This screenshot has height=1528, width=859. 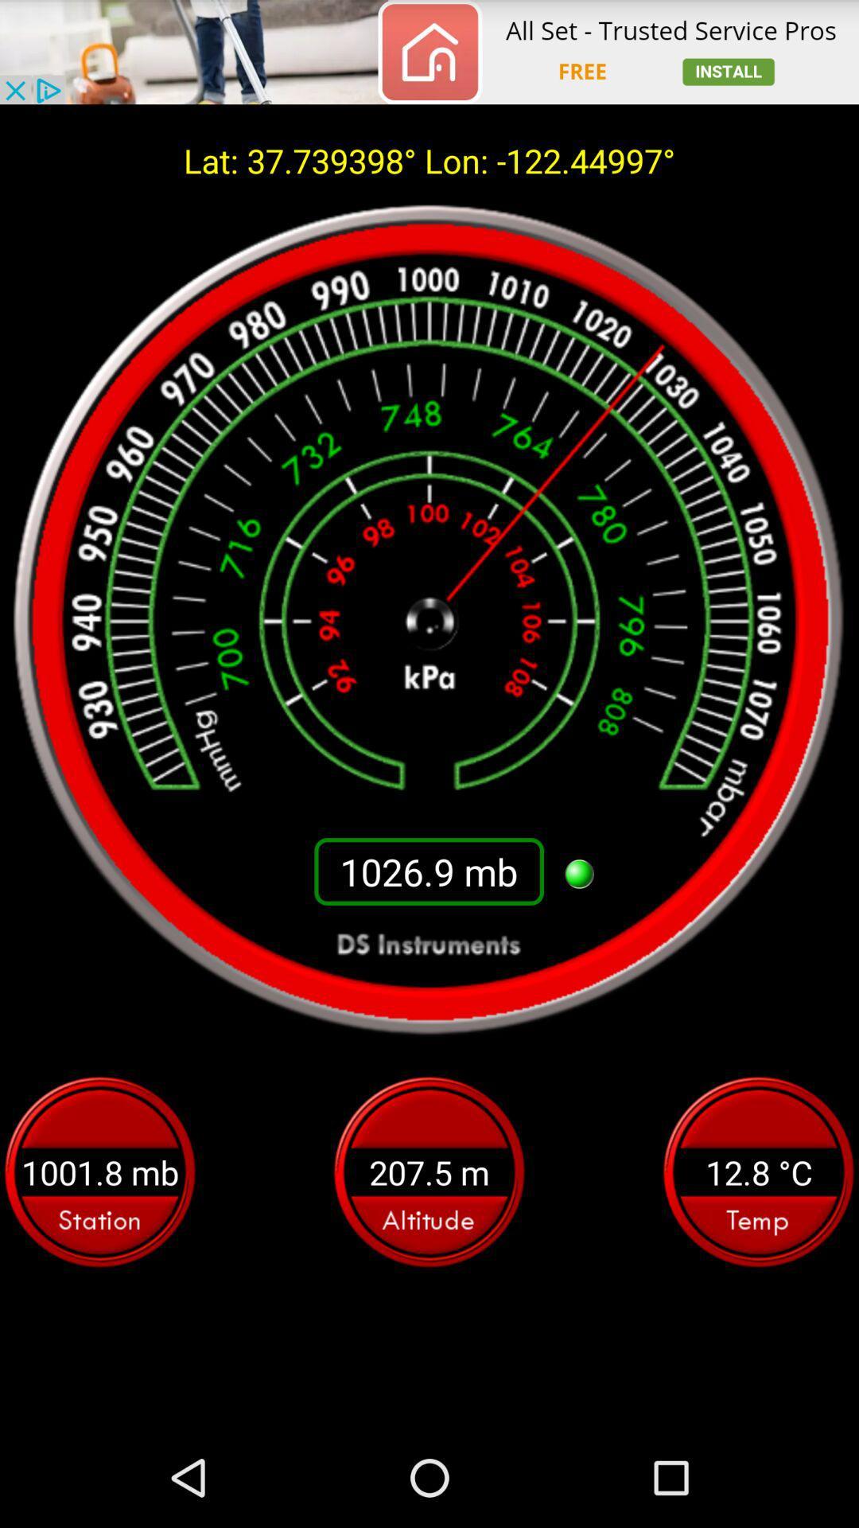 What do you see at coordinates (429, 52) in the screenshot?
I see `app advertisement option` at bounding box center [429, 52].